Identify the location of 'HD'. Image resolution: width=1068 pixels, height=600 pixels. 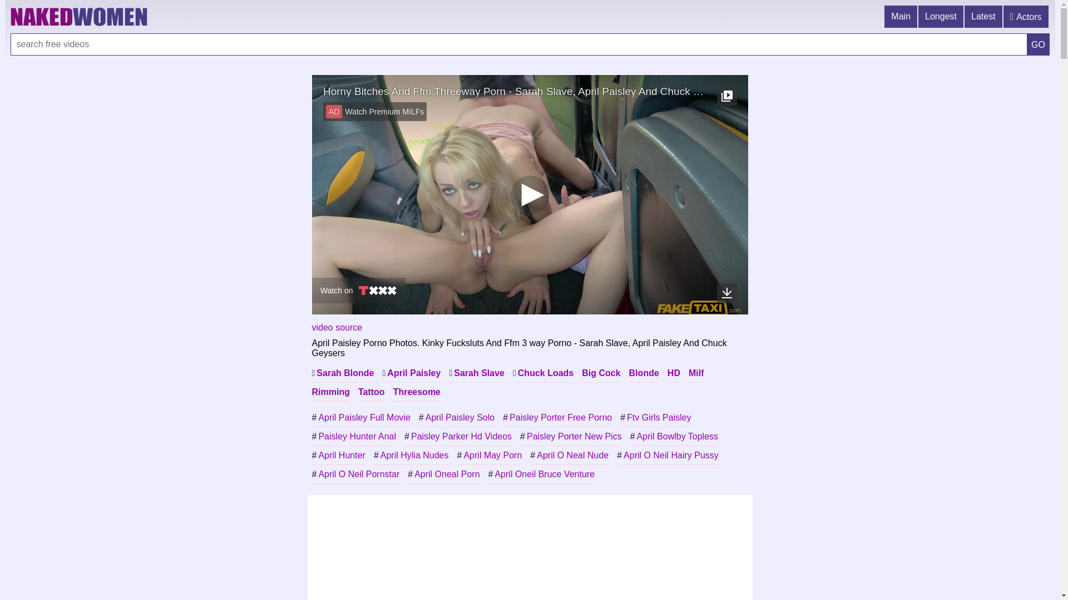
(673, 373).